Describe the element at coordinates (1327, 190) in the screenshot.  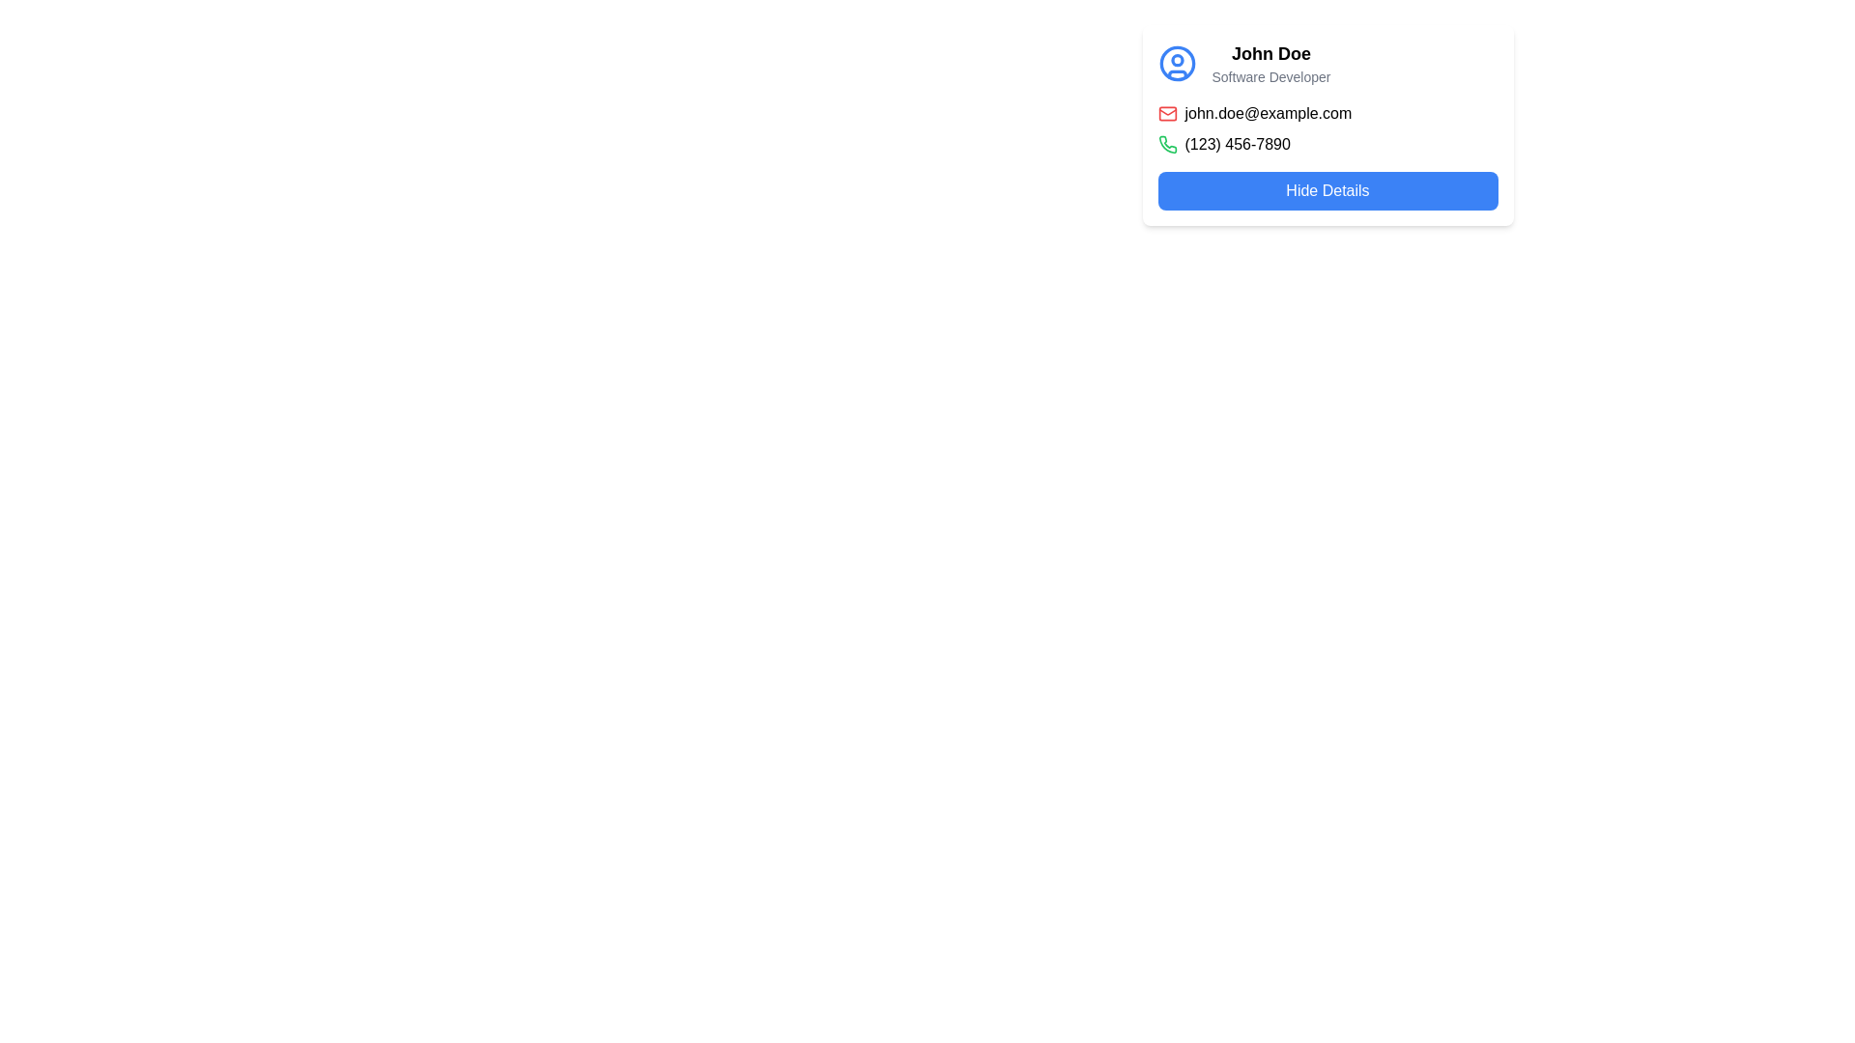
I see `the 'Hide Details' button, which is a rectangular button with a blue background and white text, located at the bottom of the card displaying information about 'John Doe.'` at that location.